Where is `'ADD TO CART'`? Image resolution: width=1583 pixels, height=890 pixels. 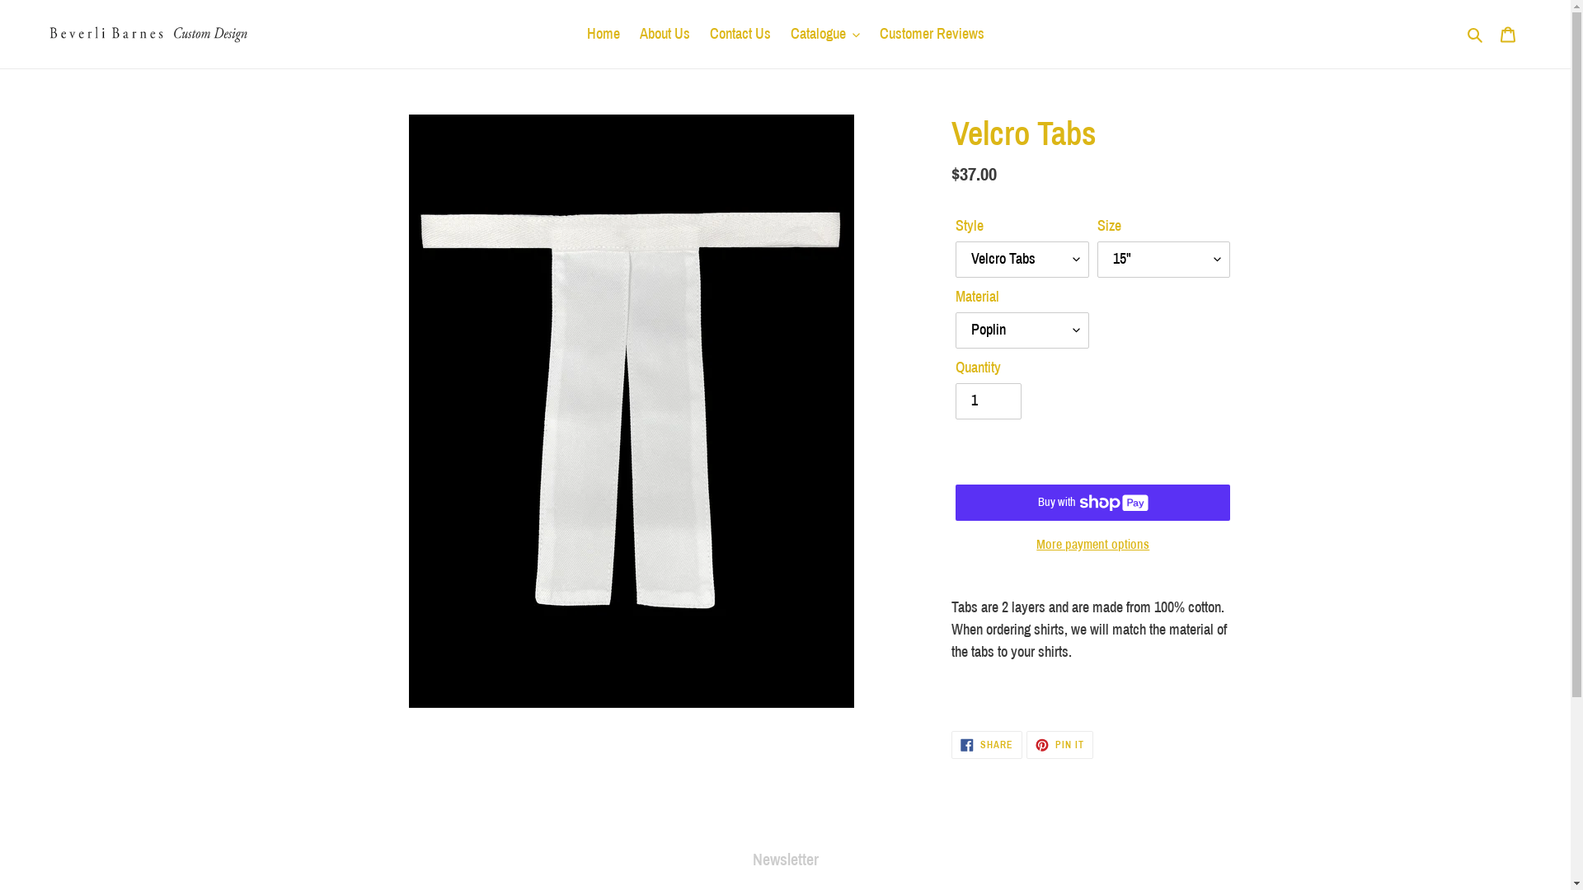 'ADD TO CART' is located at coordinates (1092, 457).